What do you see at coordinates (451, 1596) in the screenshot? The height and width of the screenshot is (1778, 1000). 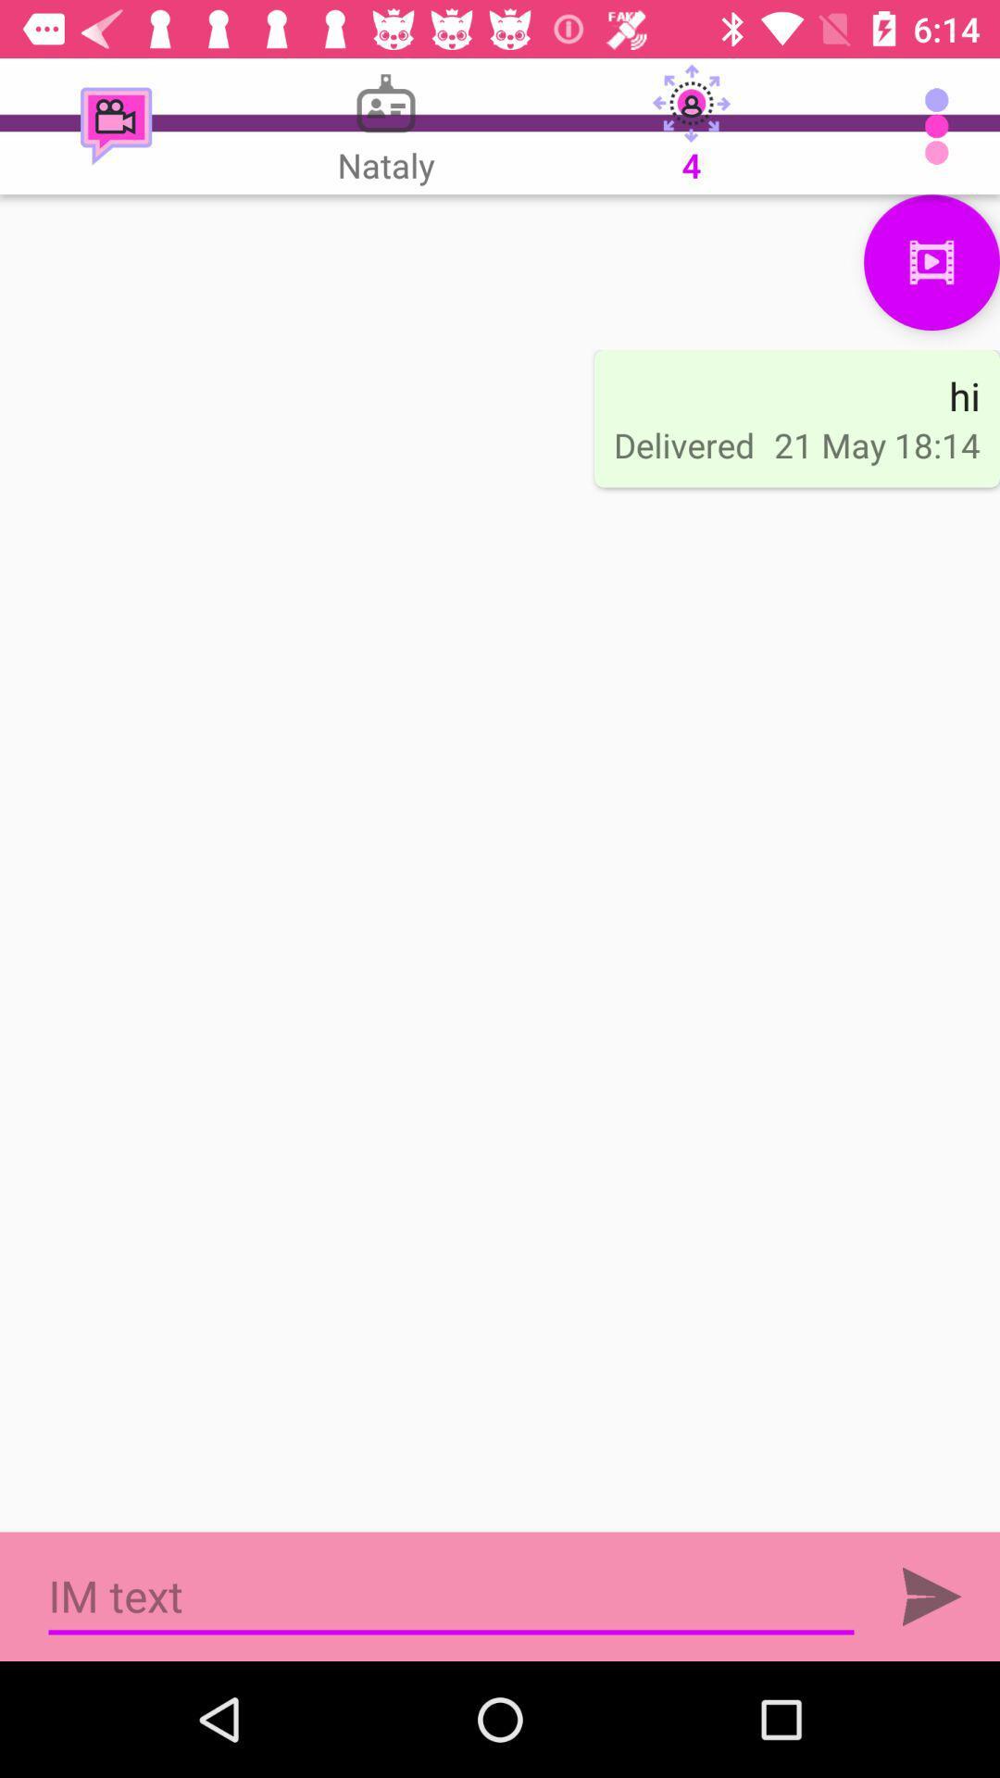 I see `message box` at bounding box center [451, 1596].